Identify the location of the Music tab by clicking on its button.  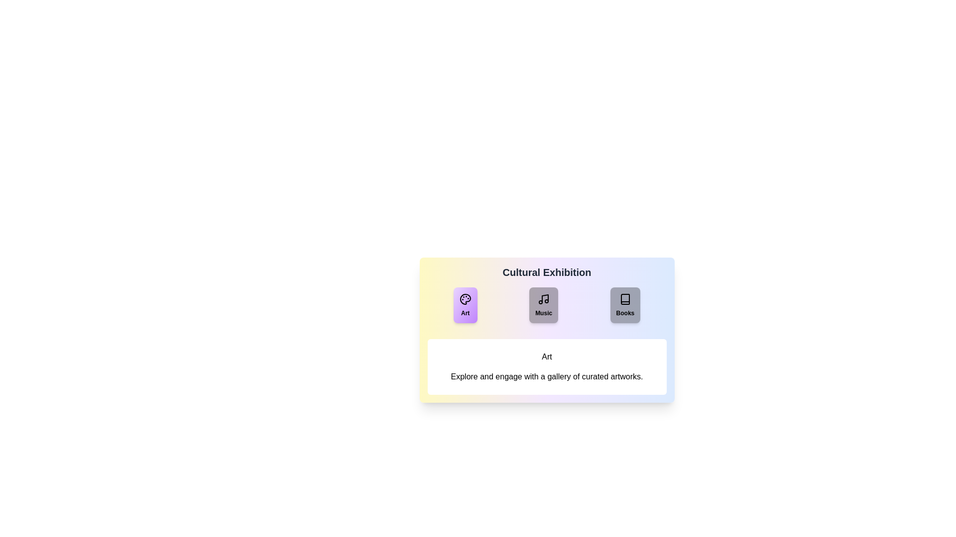
(543, 304).